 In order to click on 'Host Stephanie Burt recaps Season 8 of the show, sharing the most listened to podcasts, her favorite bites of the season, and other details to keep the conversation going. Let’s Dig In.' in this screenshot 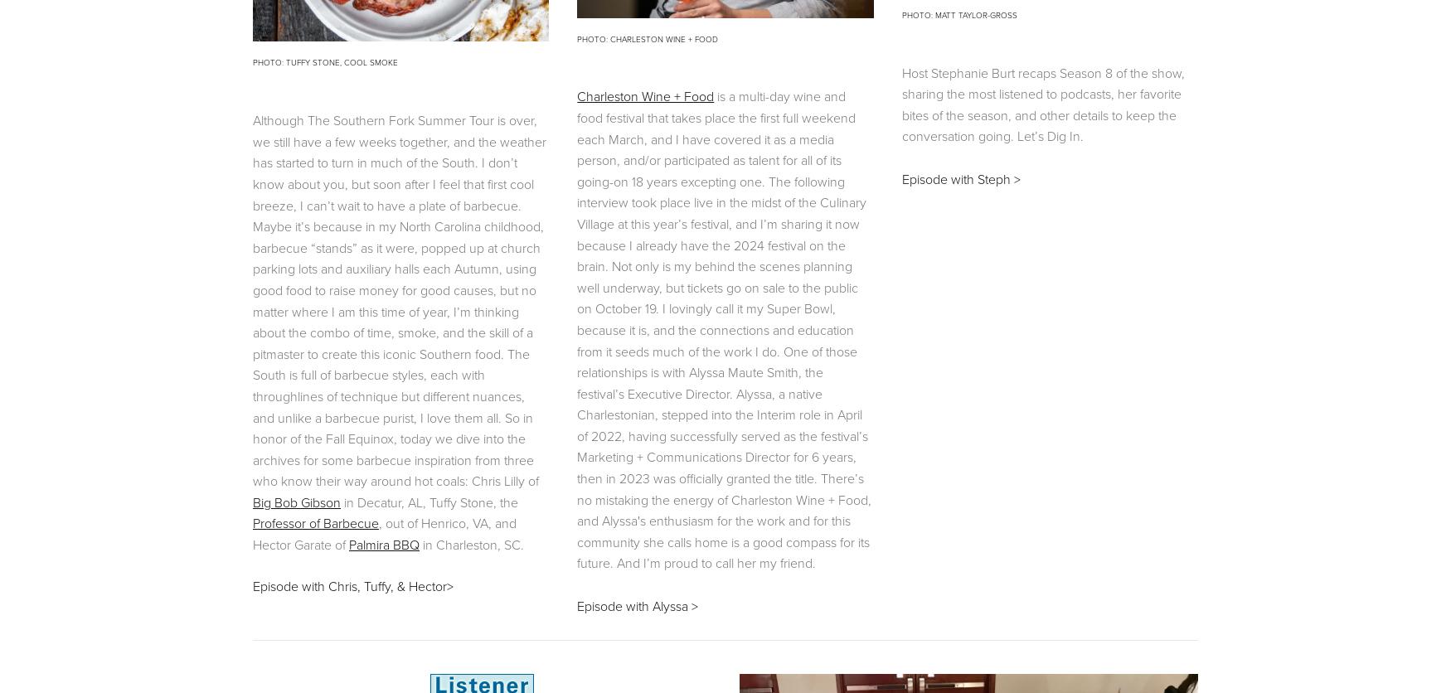, I will do `click(1043, 103)`.